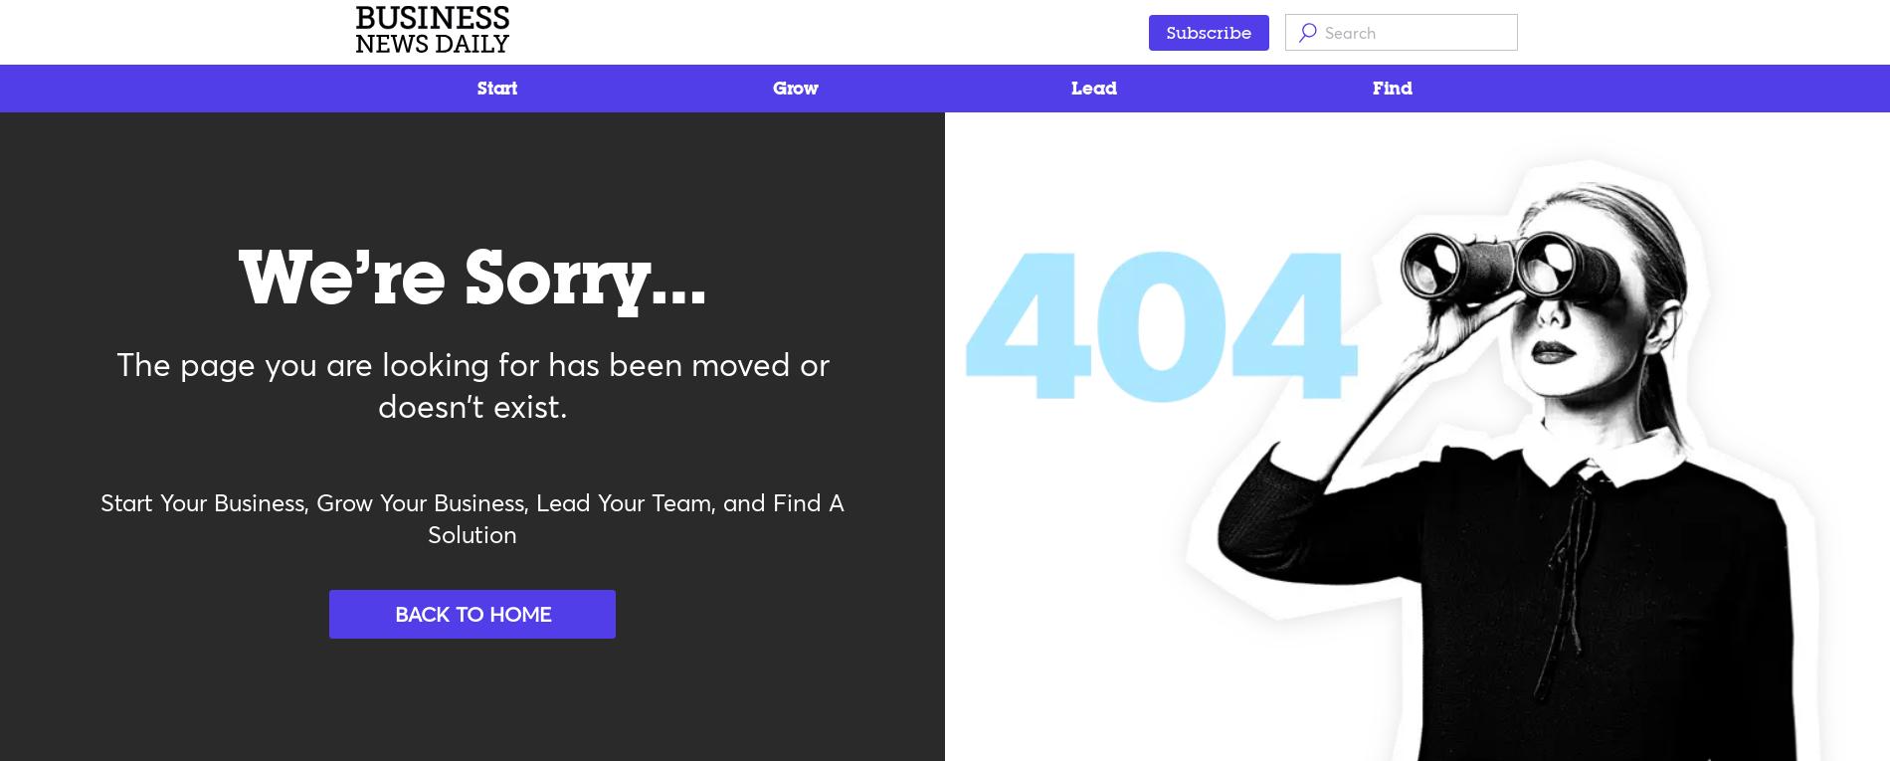 The width and height of the screenshot is (1890, 761). Describe the element at coordinates (379, 149) in the screenshot. I see `'Best Accounting Software and Invoice Generators of 2023'` at that location.